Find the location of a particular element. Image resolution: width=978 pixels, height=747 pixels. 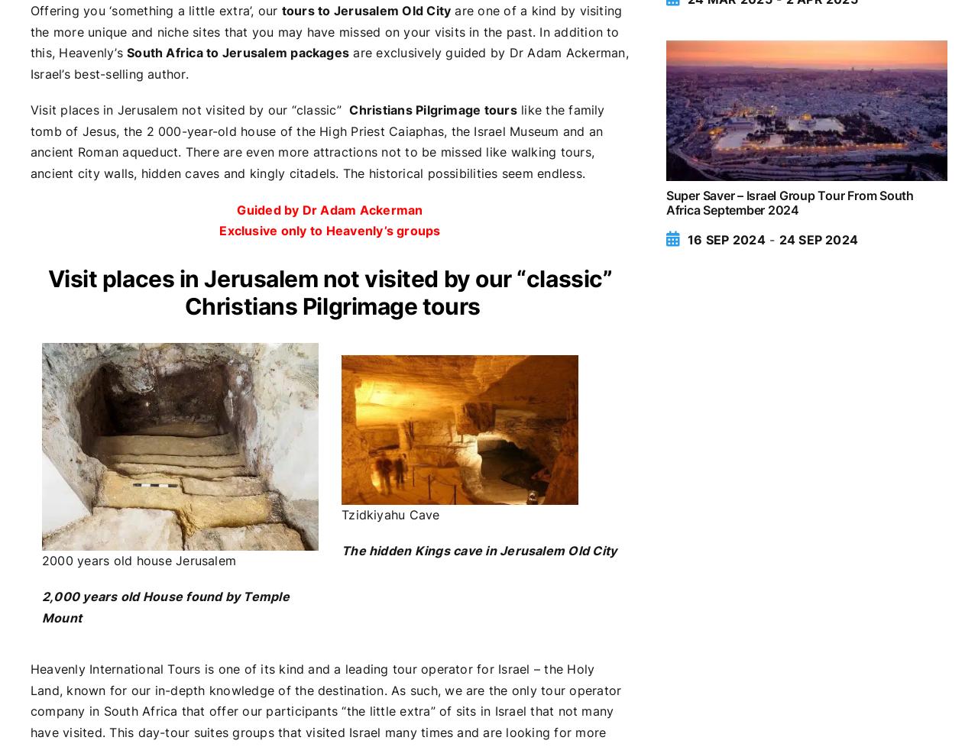

'2000 years old house Jerusalem' is located at coordinates (42, 560).